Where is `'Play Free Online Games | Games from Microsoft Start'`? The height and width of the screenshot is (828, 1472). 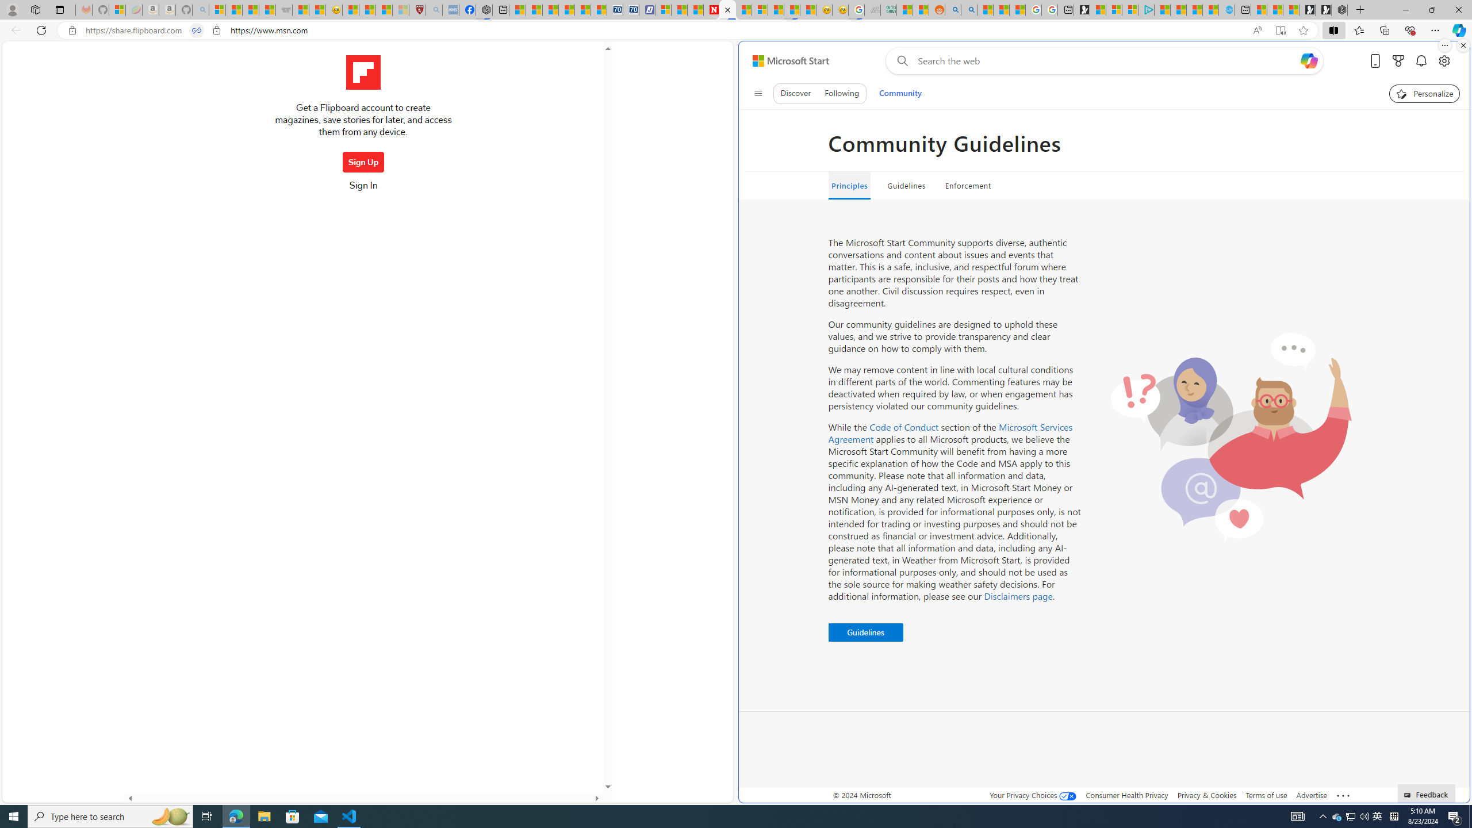 'Play Free Online Games | Games from Microsoft Start' is located at coordinates (1322, 9).